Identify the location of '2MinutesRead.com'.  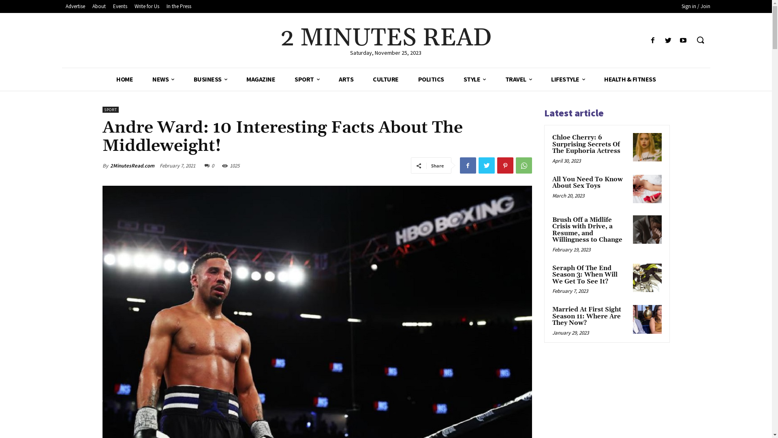
(132, 165).